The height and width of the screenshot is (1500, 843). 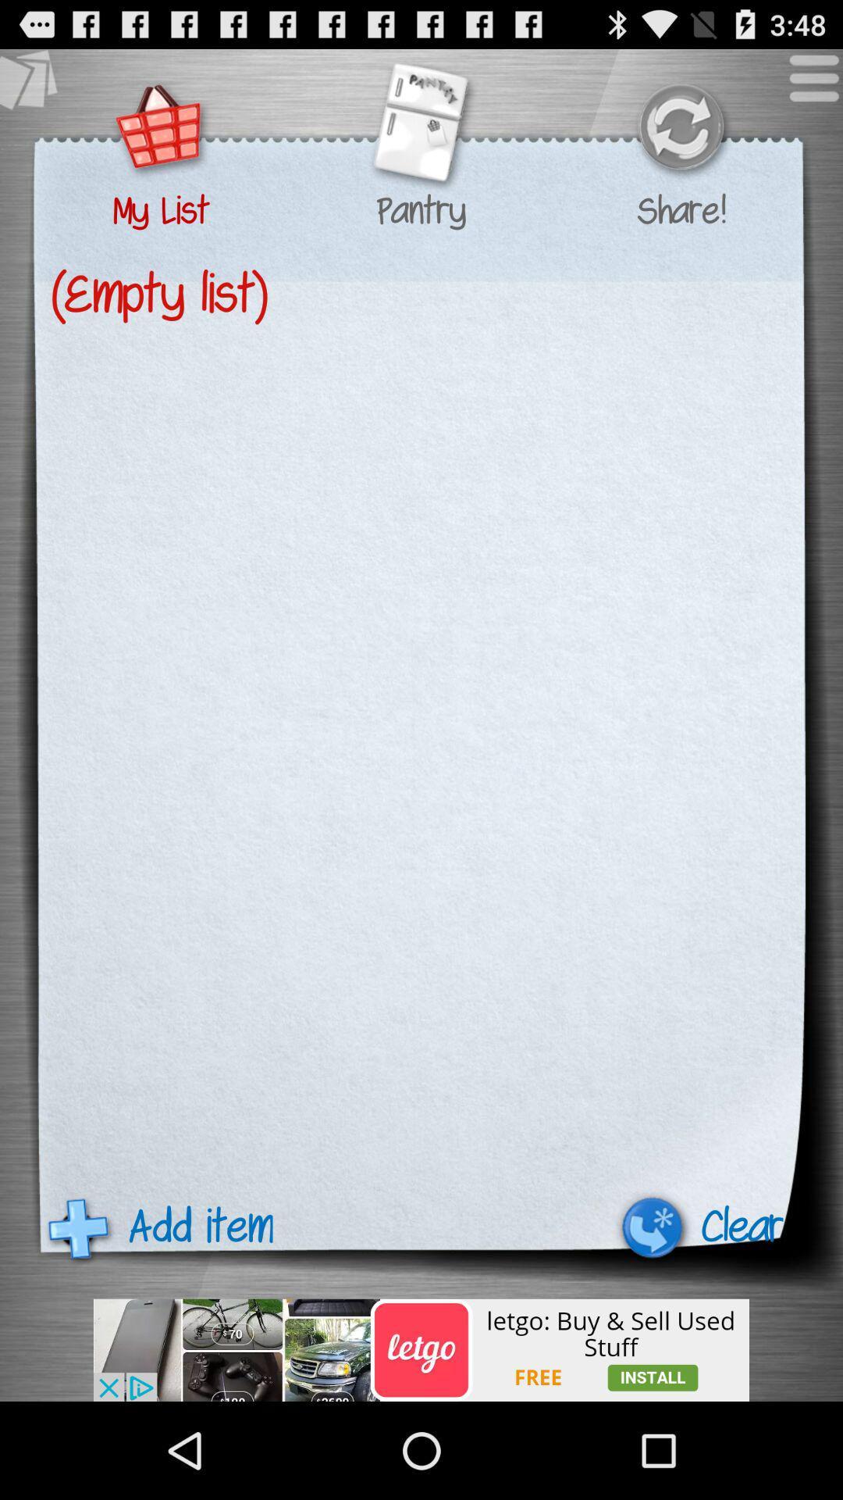 I want to click on share with friends, so click(x=680, y=129).